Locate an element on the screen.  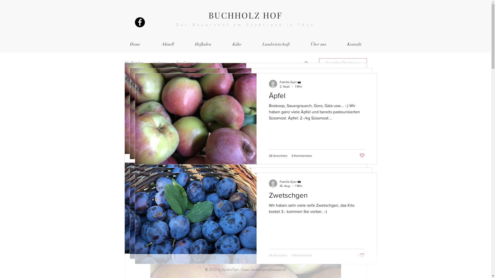
'Anmelden/ Registrieren' is located at coordinates (343, 62).